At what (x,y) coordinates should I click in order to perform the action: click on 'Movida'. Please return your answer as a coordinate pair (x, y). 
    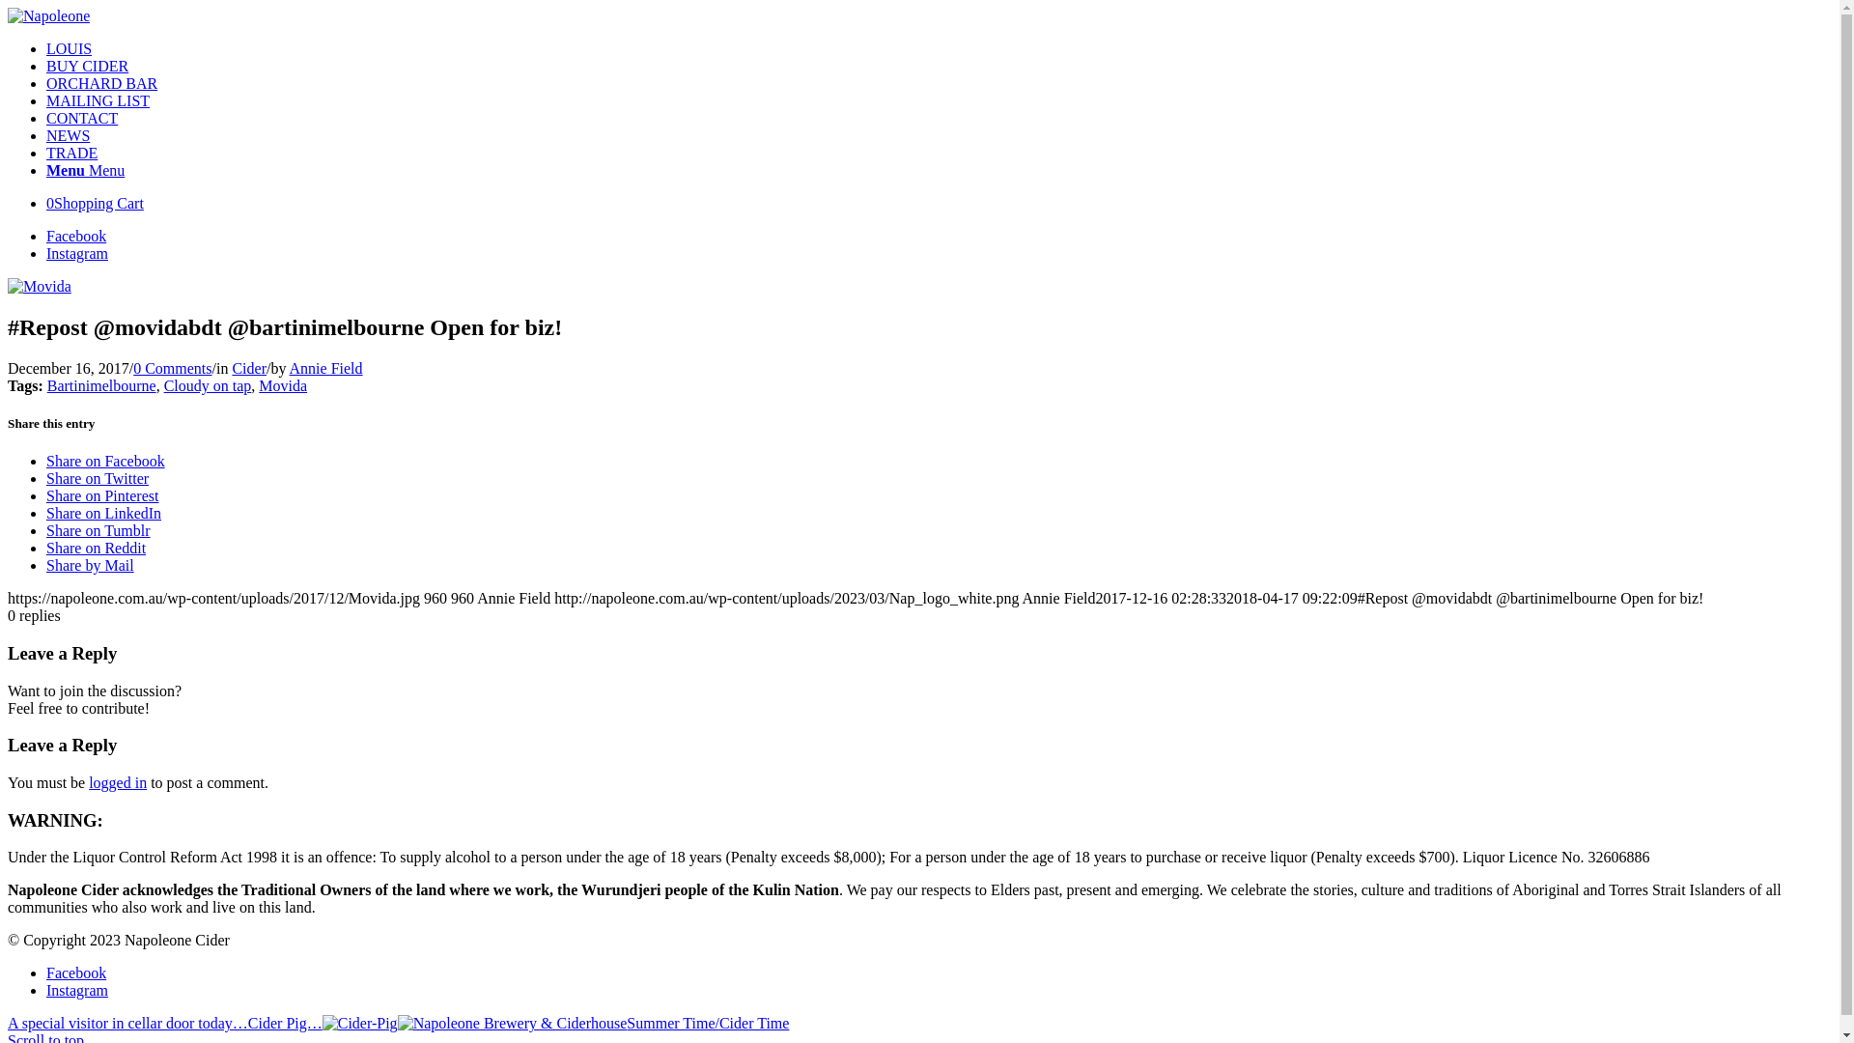
    Looking at the image, I should click on (258, 385).